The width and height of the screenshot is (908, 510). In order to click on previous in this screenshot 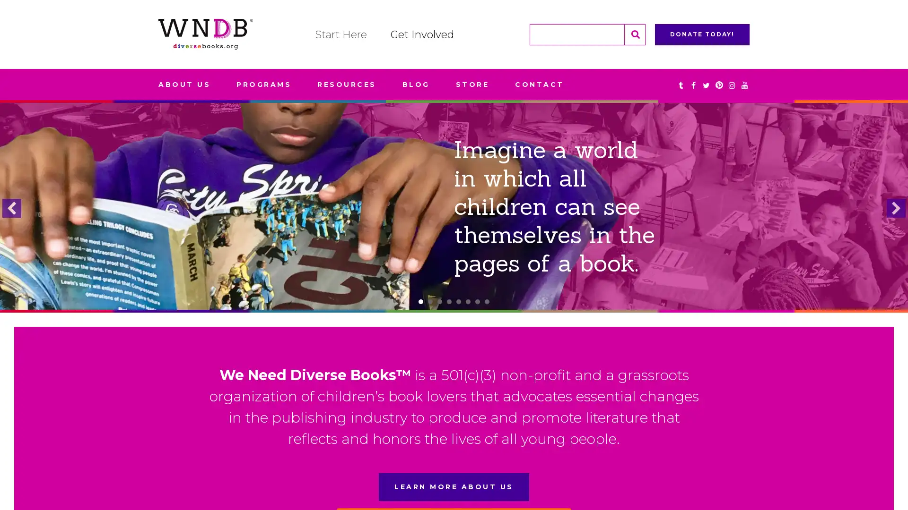, I will do `click(11, 207)`.